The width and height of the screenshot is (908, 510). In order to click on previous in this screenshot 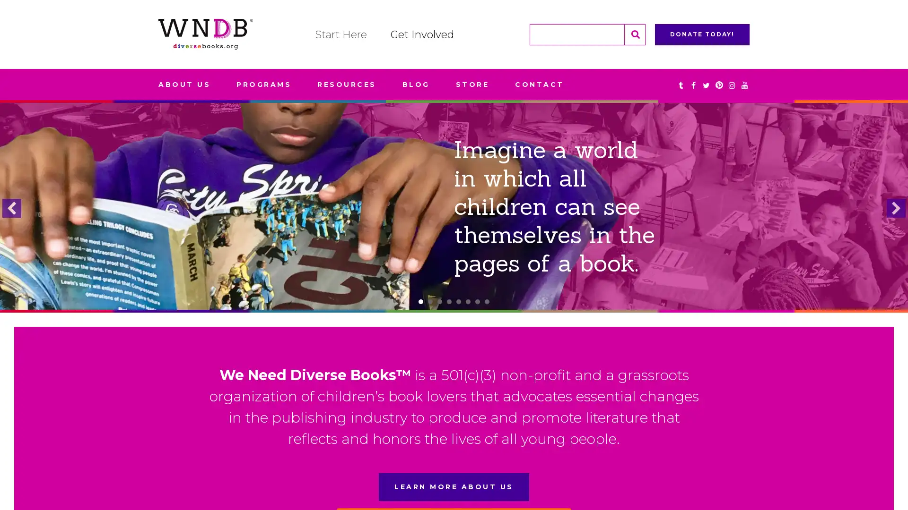, I will do `click(11, 207)`.